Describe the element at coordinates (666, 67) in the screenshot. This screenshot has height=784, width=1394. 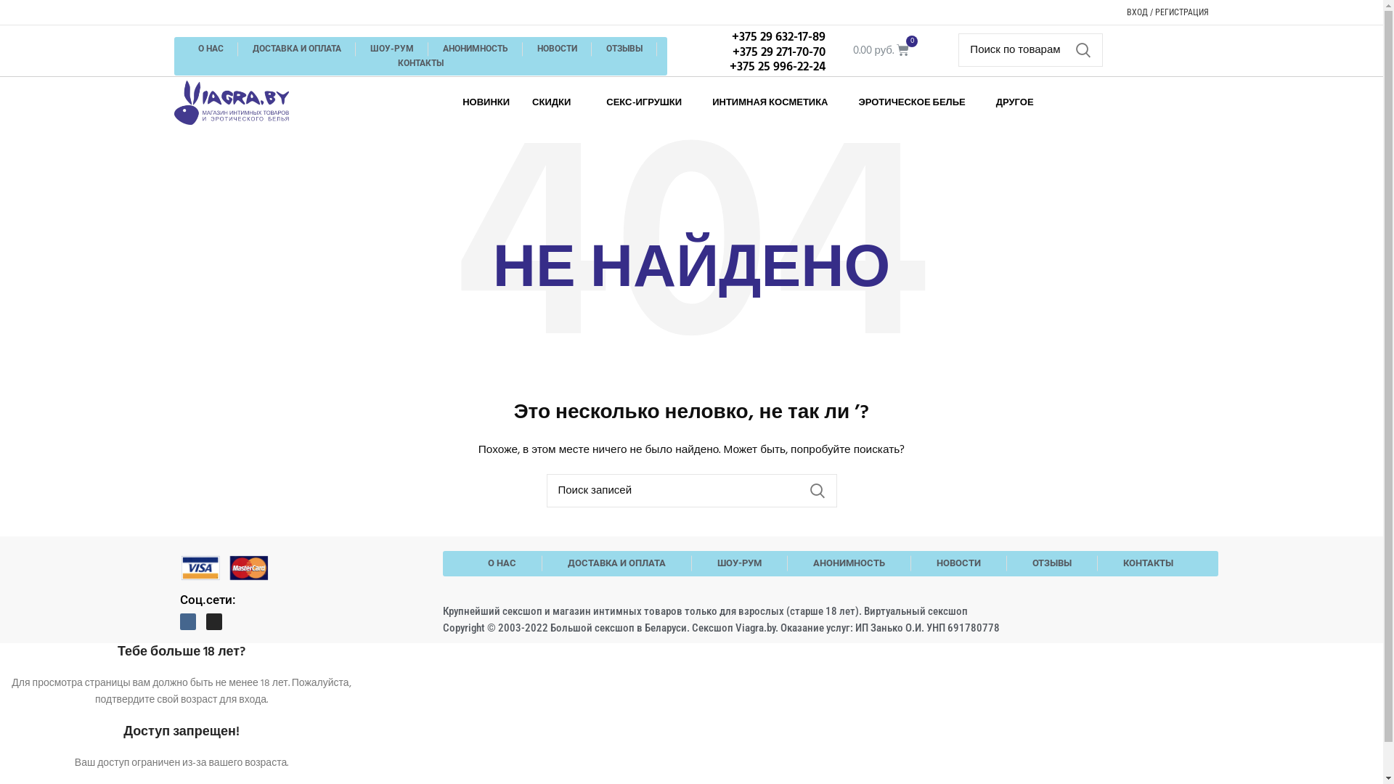
I see `'+375 25 996-22-24'` at that location.